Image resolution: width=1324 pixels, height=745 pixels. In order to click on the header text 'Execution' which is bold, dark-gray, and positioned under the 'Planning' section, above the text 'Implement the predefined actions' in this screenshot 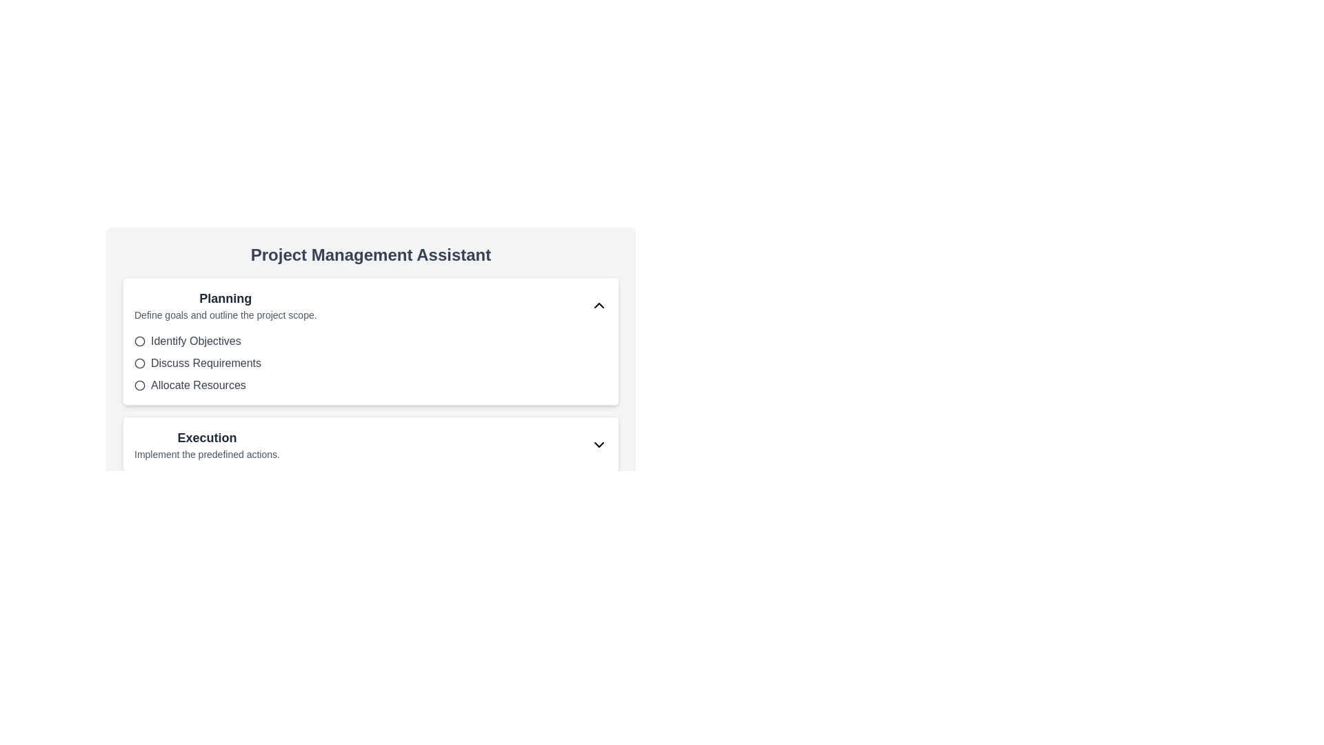, I will do `click(206, 438)`.